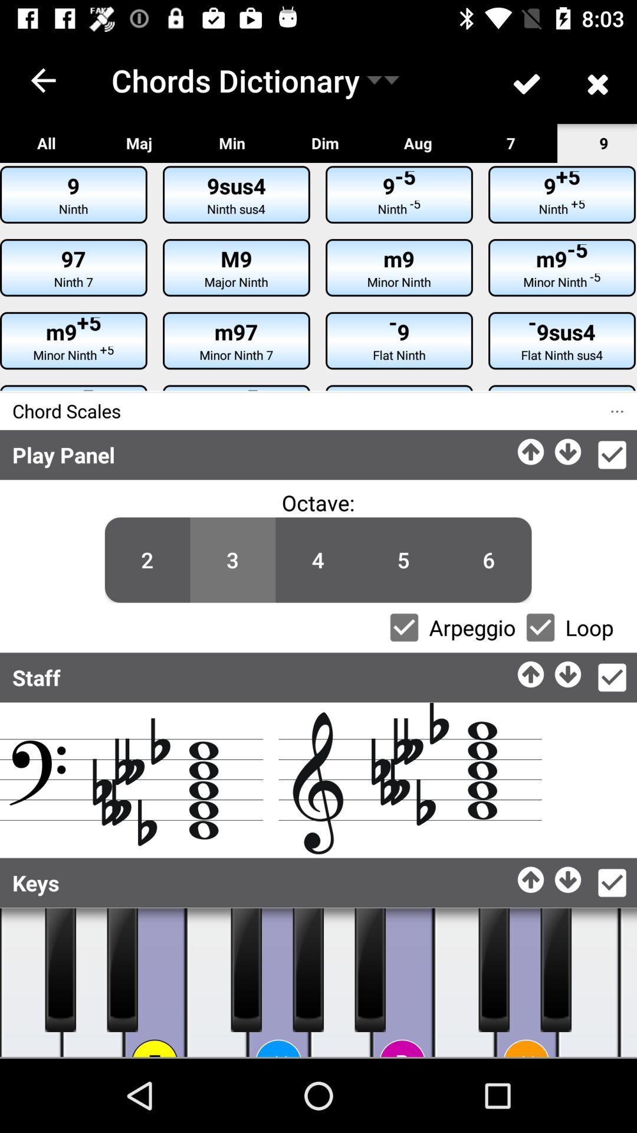  What do you see at coordinates (627, 983) in the screenshot?
I see `piano white key` at bounding box center [627, 983].